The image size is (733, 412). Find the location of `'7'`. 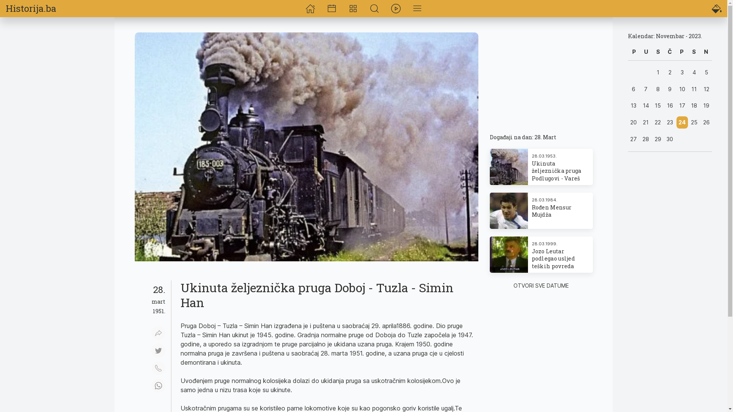

'7' is located at coordinates (645, 89).